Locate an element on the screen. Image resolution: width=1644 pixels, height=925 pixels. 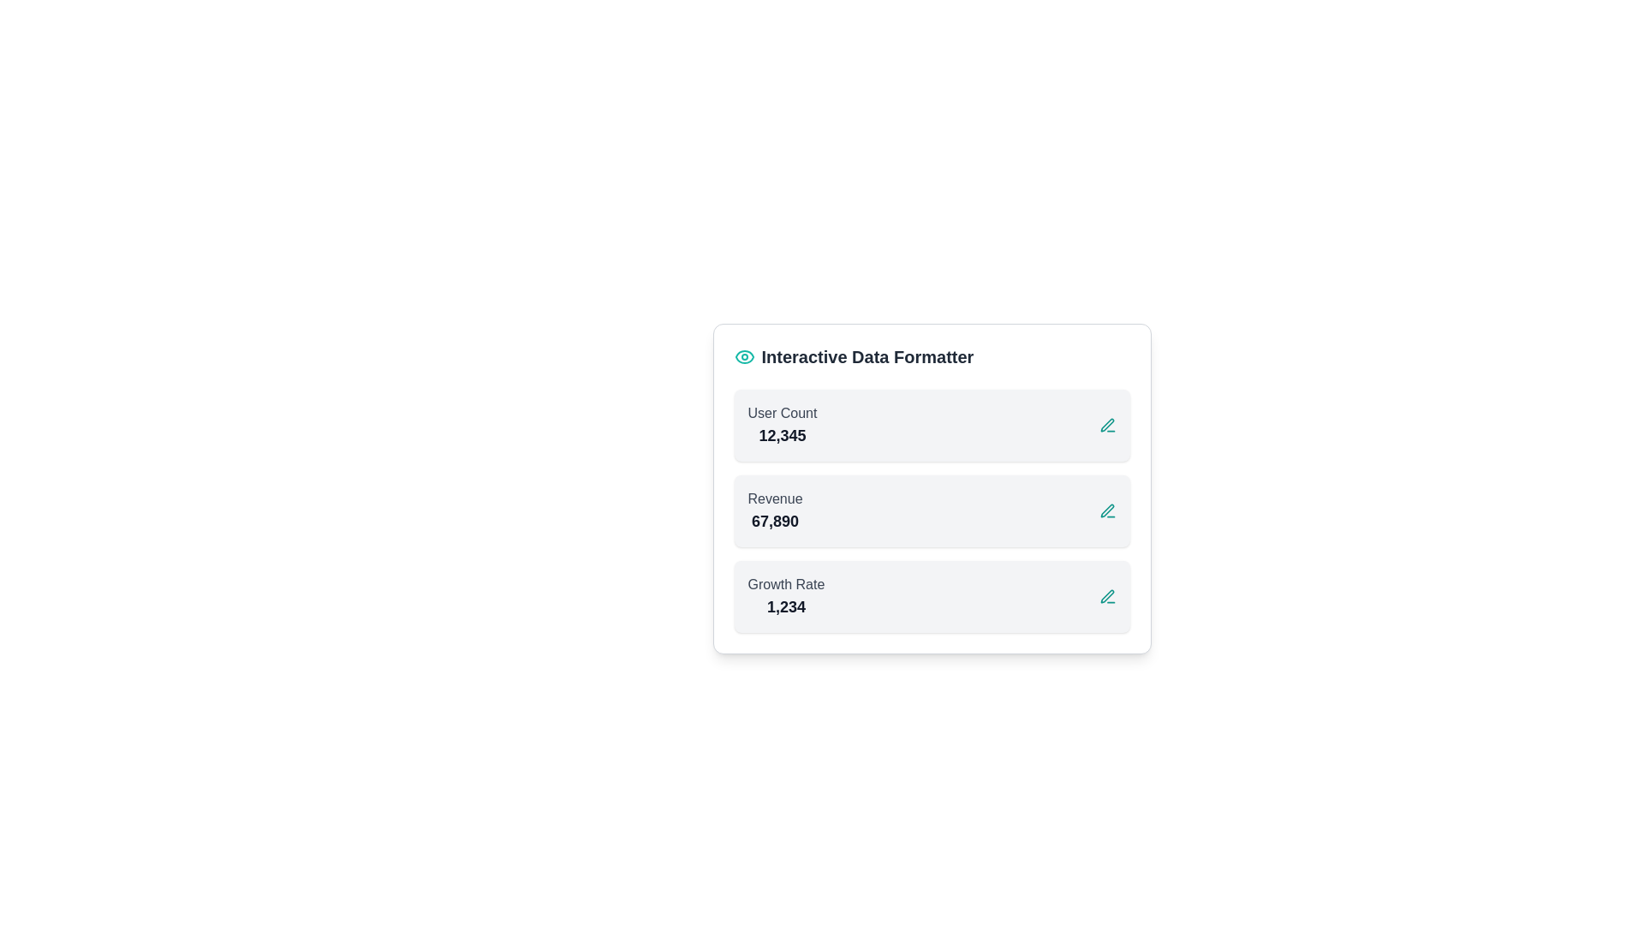
the 'Growth Rate' text label, which is located in the 'Interactive Data Formatter' panel, specifically in the third row below the 'Revenue' row is located at coordinates (785, 583).